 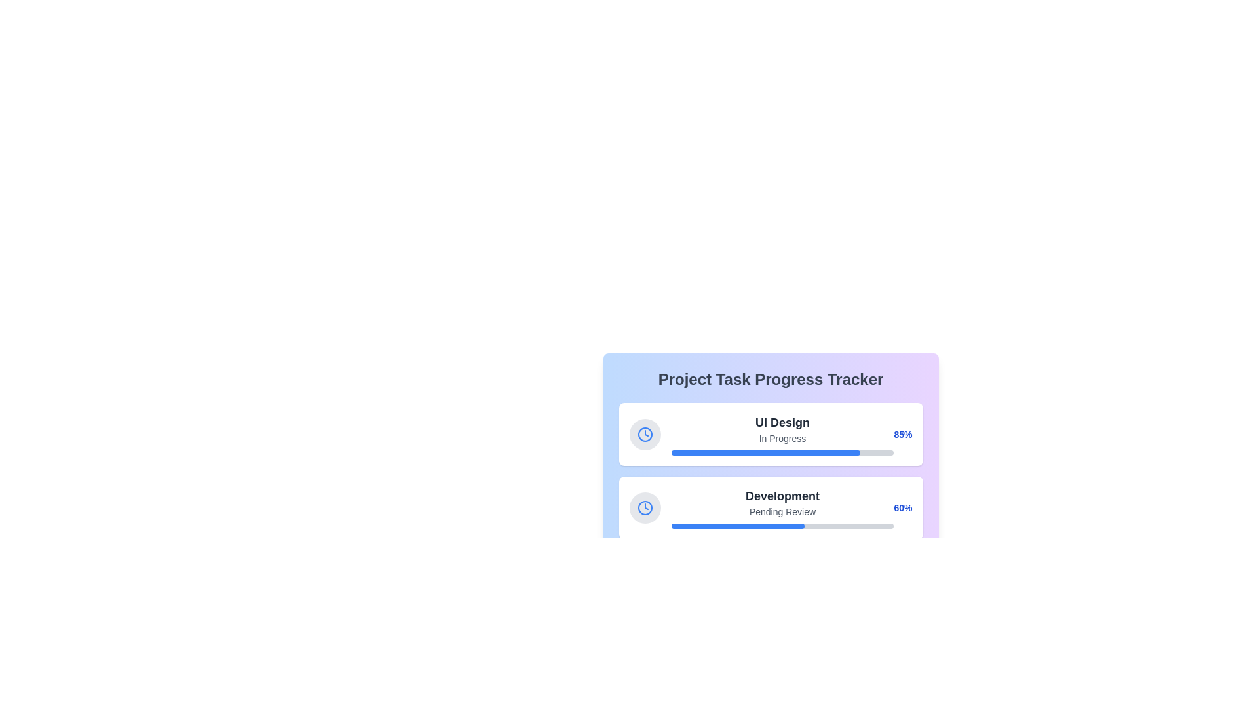 What do you see at coordinates (902, 507) in the screenshot?
I see `the blue-colored label displaying '60%' located at the right-end corner of the 'Development' progress bar card in the 'Project Task Progress Tracker' interface` at bounding box center [902, 507].